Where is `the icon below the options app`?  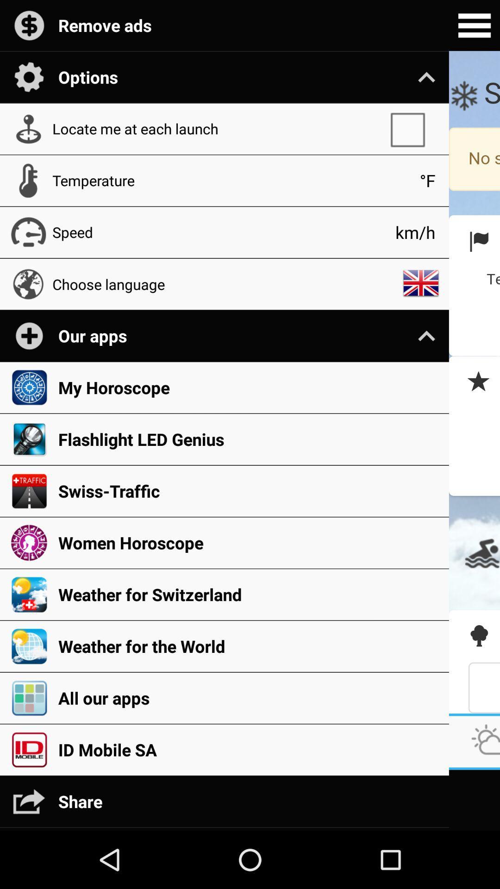 the icon below the options app is located at coordinates (412, 128).